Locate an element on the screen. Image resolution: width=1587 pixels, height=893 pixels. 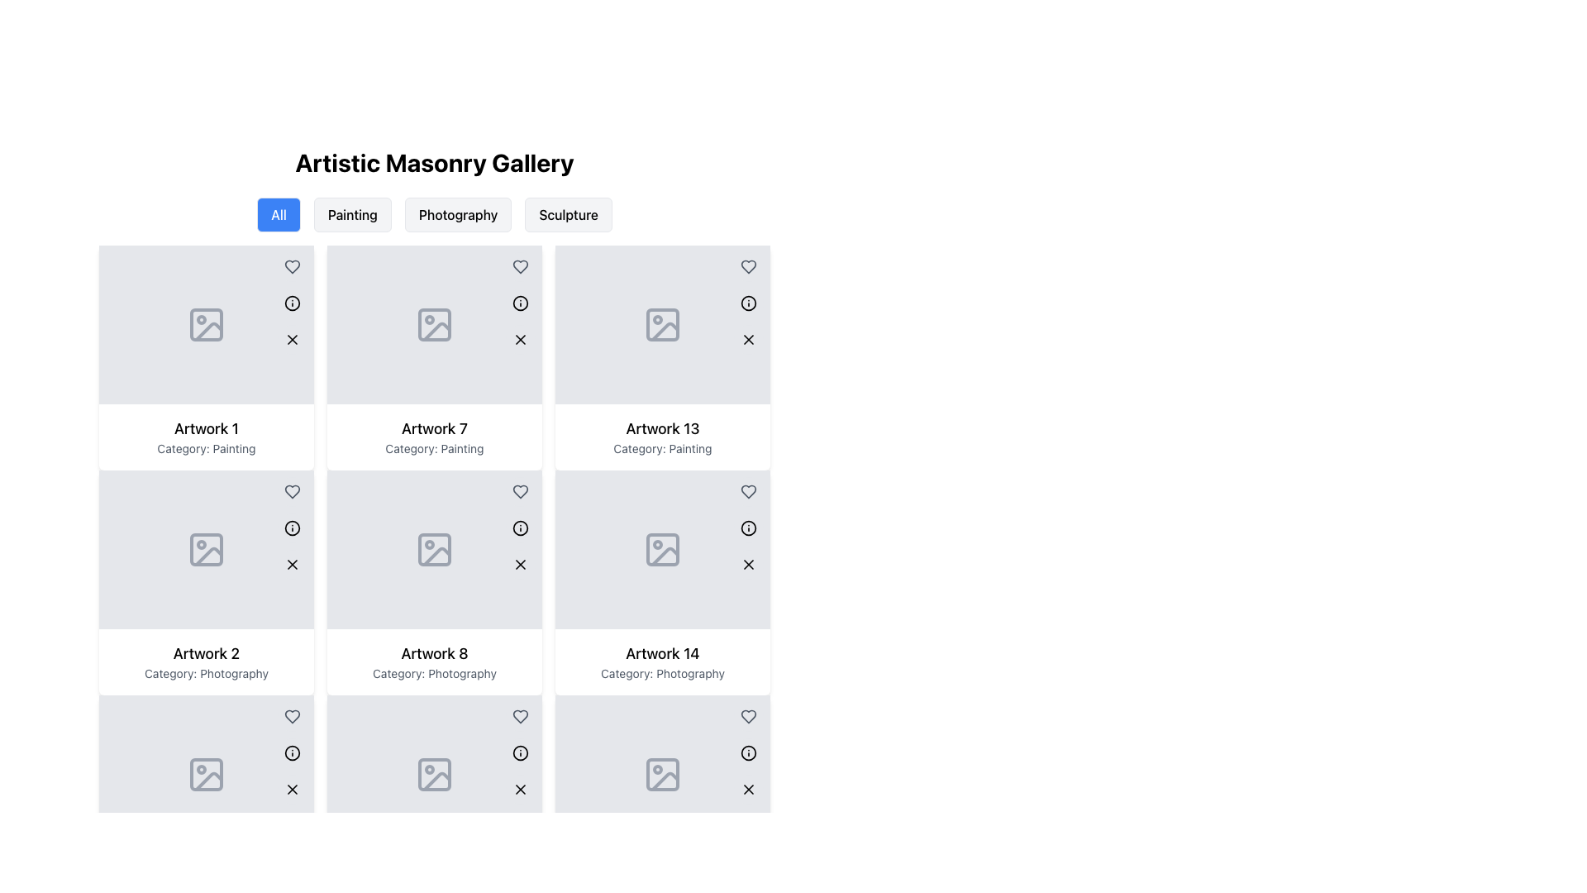
the 'Photography' category selector button, which is the third item in a row of four tabs, to filter items related to photography in the gallery is located at coordinates (458, 213).